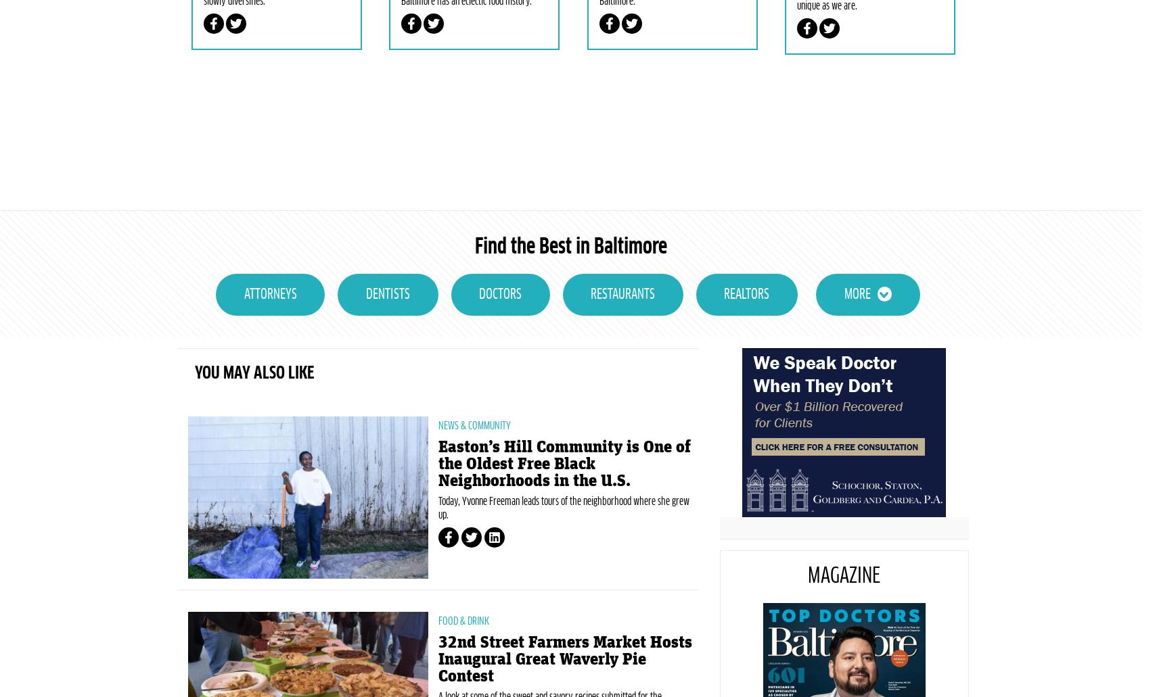 This screenshot has width=1157, height=697. Describe the element at coordinates (796, 35) in the screenshot. I see `'Game Faces'` at that location.